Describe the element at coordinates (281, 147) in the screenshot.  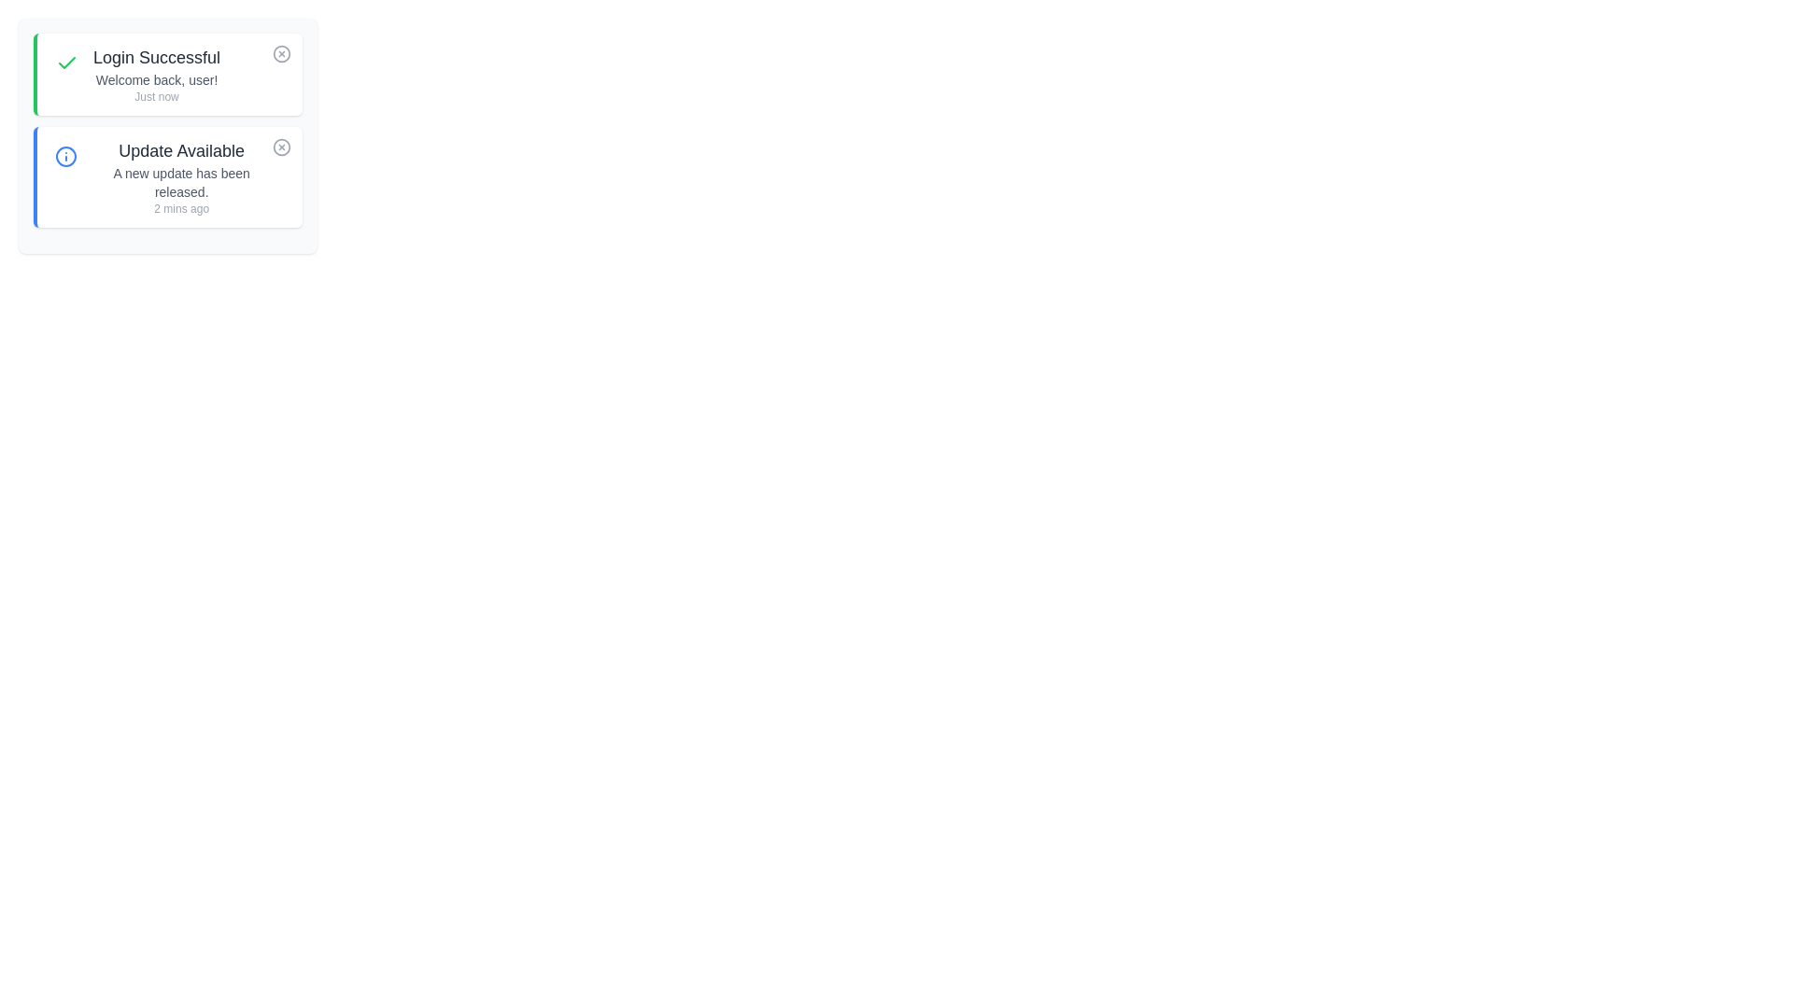
I see `the decorative SVG circle located in the second notification card with the text 'Update Available'` at that location.